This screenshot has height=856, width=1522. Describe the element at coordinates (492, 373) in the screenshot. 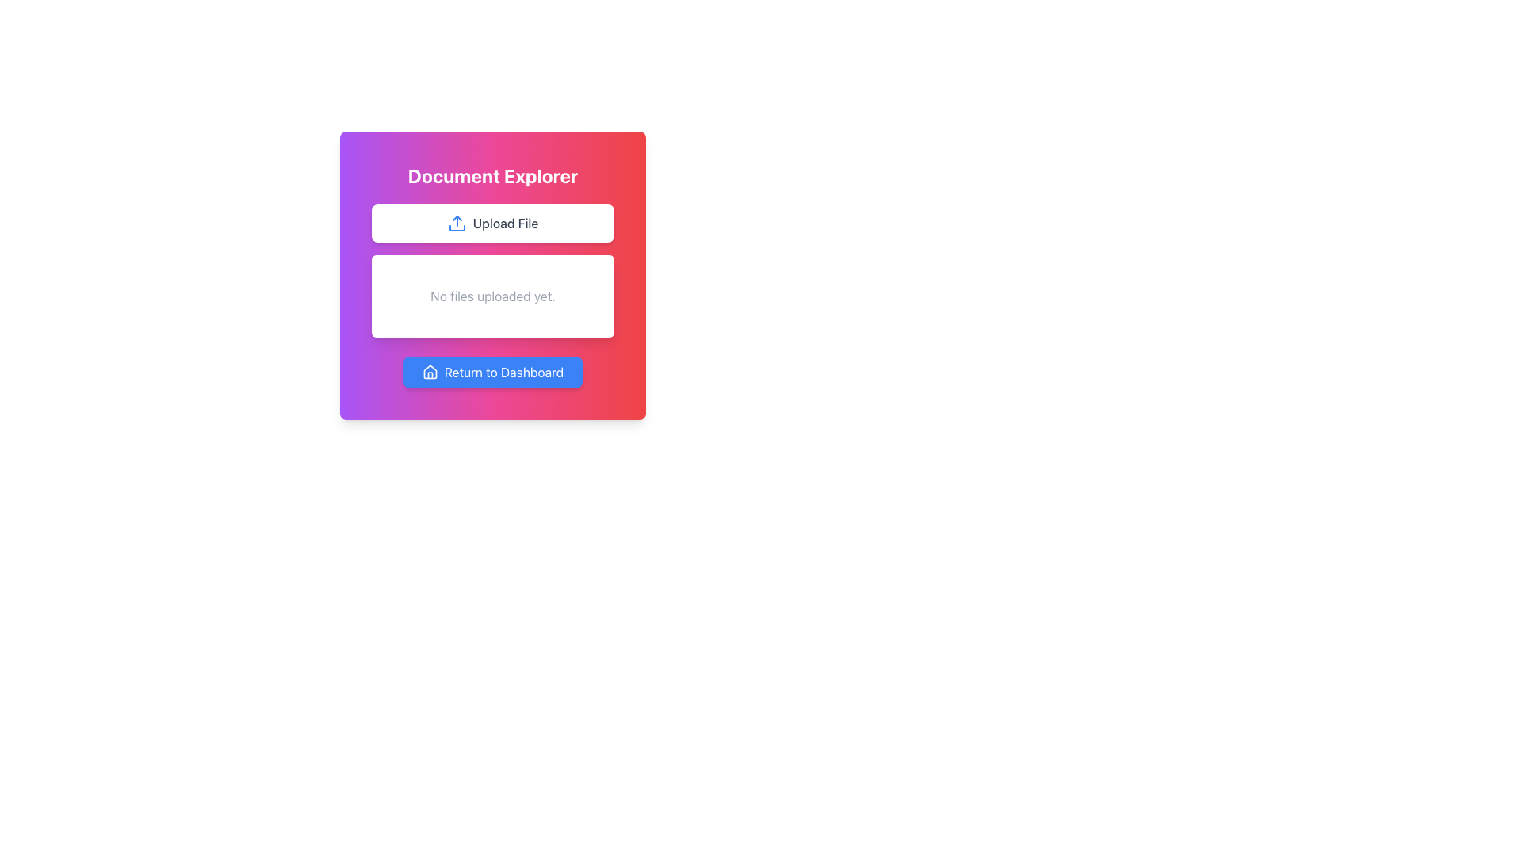

I see `the blue 'Return to Dashboard' button with white text and a house icon, located at the bottom of the 'Document Explorer' card interface` at that location.